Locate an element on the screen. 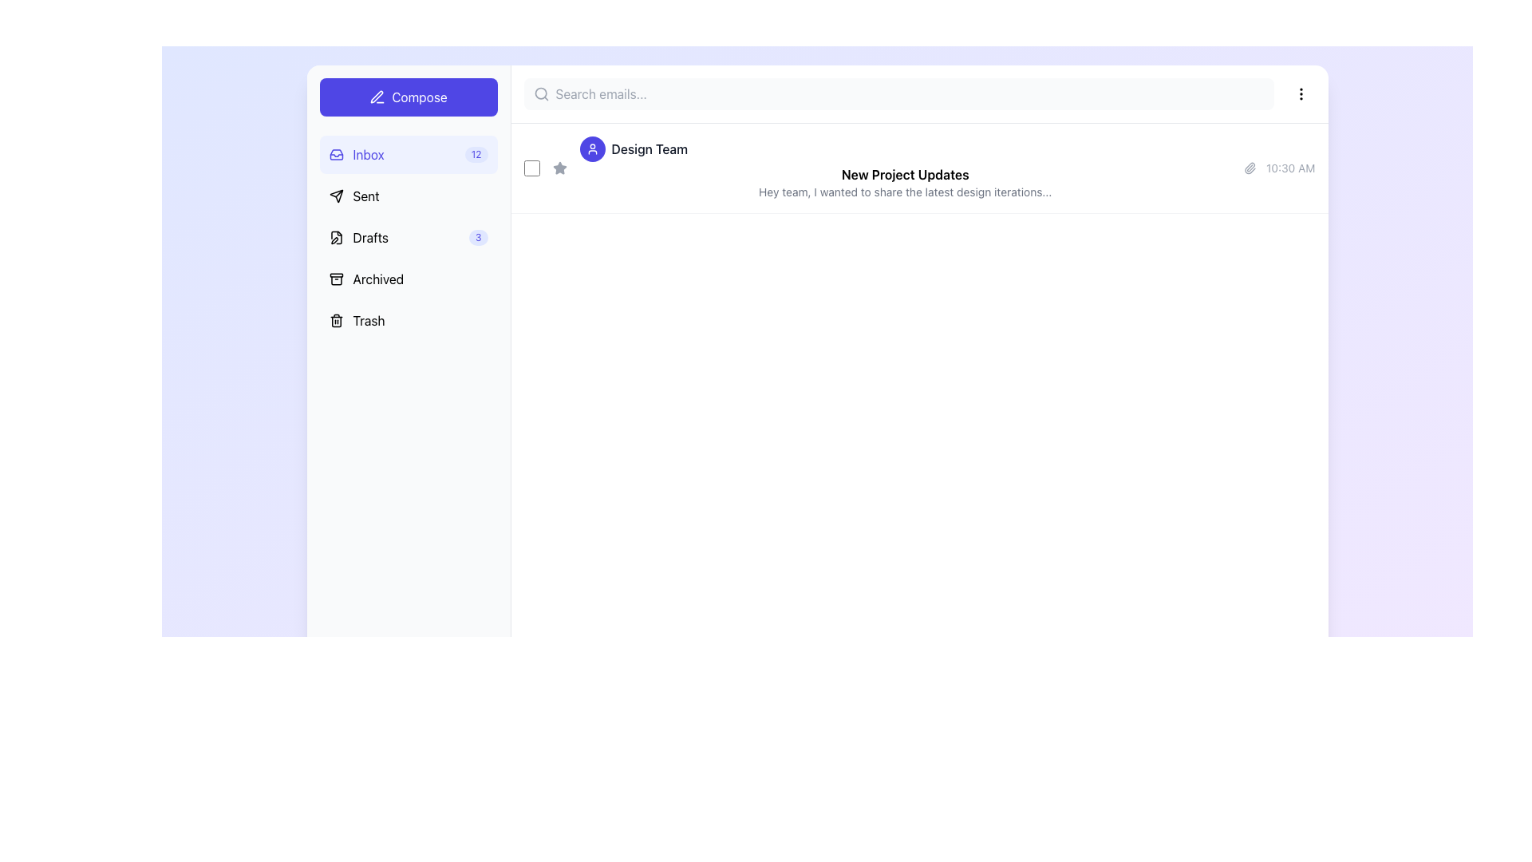 Image resolution: width=1532 pixels, height=862 pixels. displayed text of the 'Compose' label located within the button at the top-left corner, beneath the application header is located at coordinates (420, 97).